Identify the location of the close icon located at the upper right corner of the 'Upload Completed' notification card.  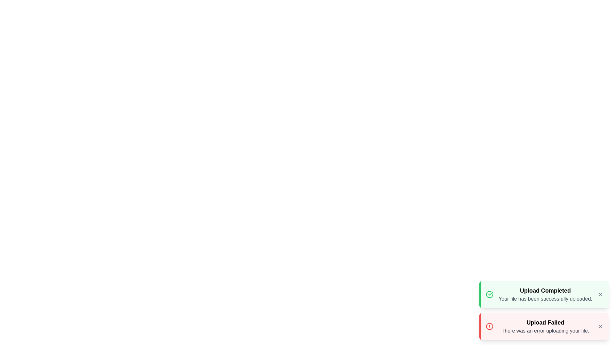
(600, 294).